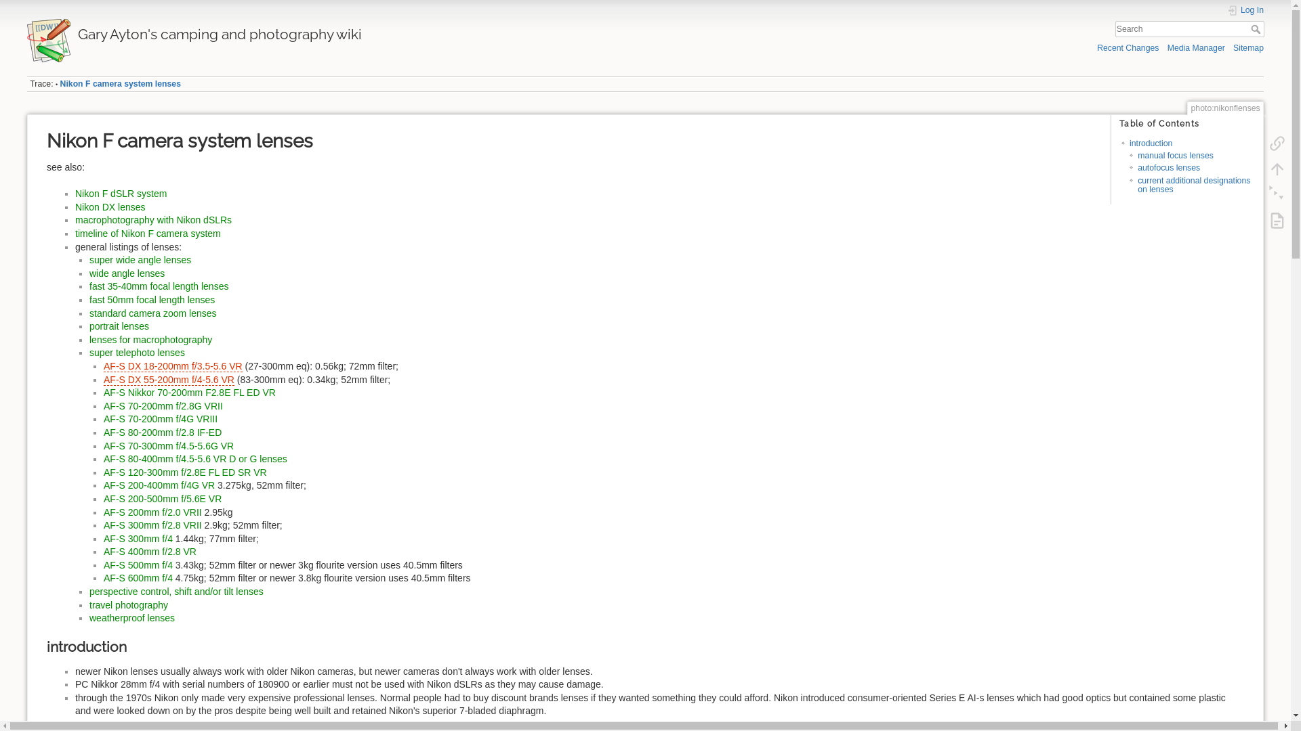 The image size is (1301, 731). What do you see at coordinates (152, 313) in the screenshot?
I see `'standard camera zoom lenses'` at bounding box center [152, 313].